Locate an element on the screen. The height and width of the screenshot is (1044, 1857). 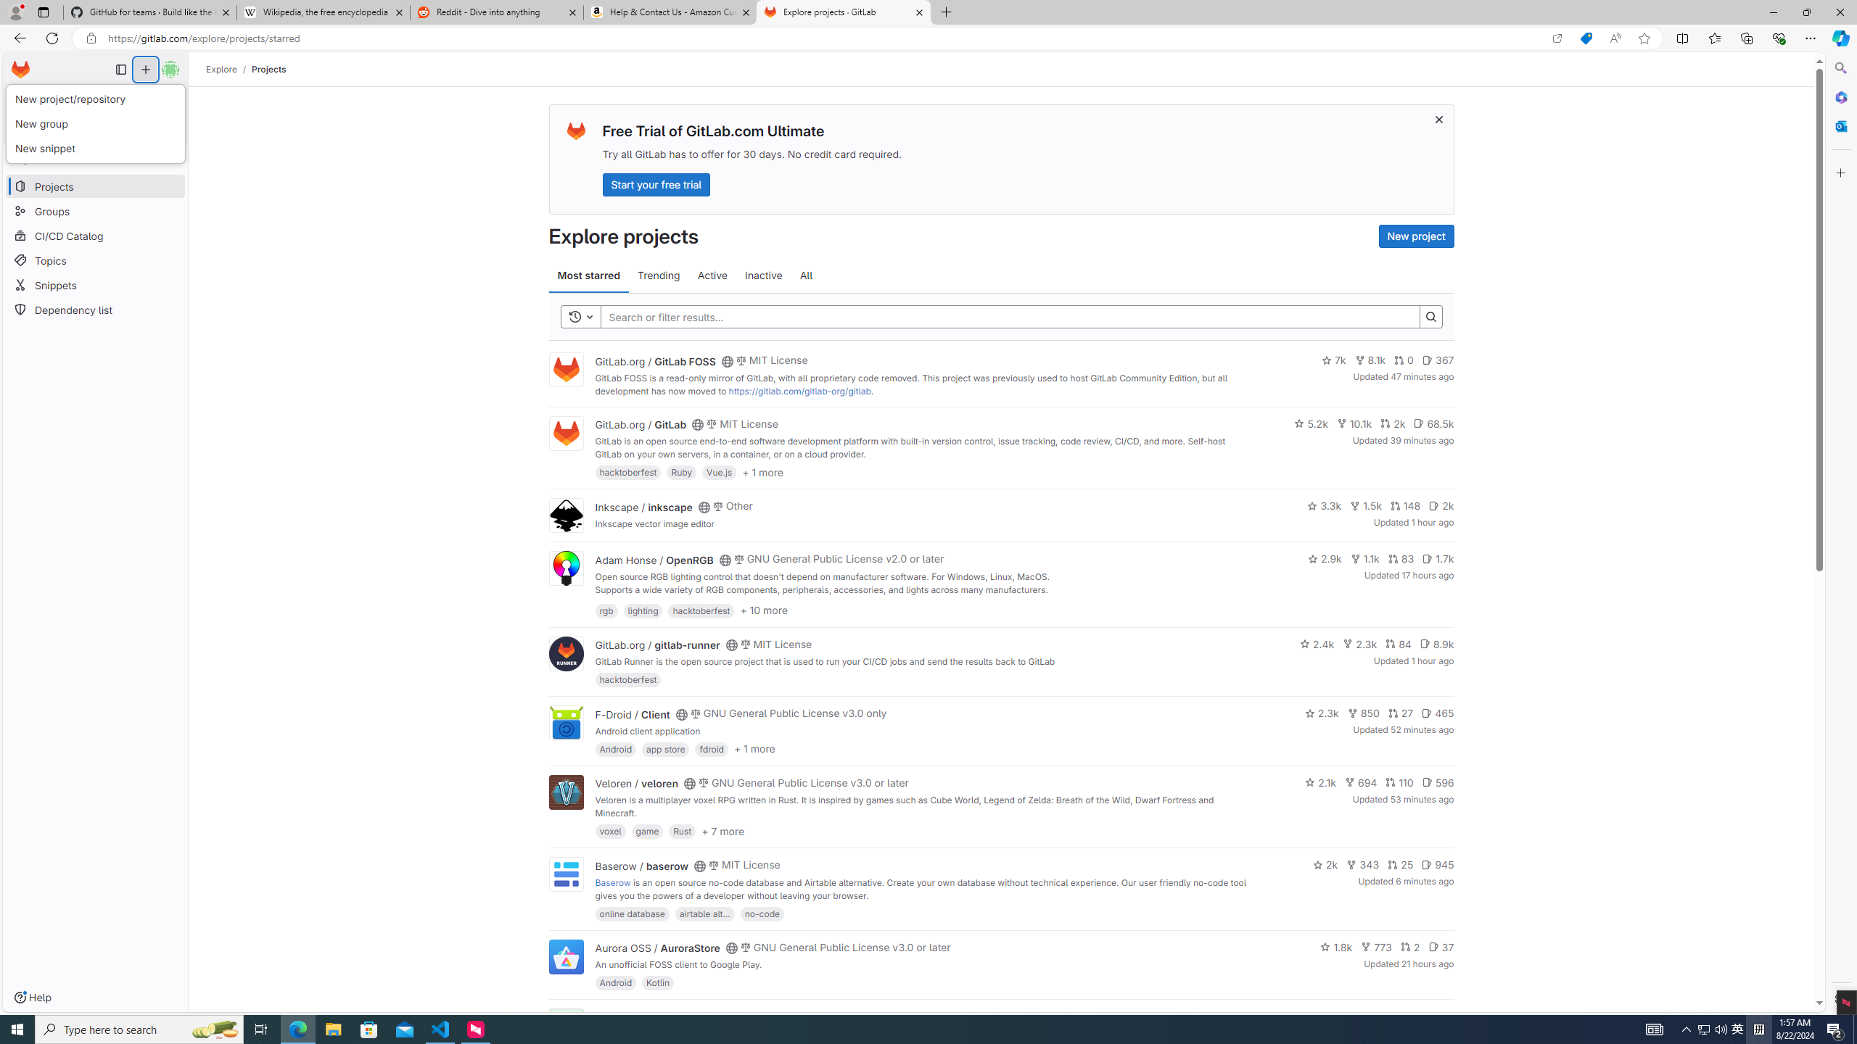
'New snippet' is located at coordinates (94, 148).